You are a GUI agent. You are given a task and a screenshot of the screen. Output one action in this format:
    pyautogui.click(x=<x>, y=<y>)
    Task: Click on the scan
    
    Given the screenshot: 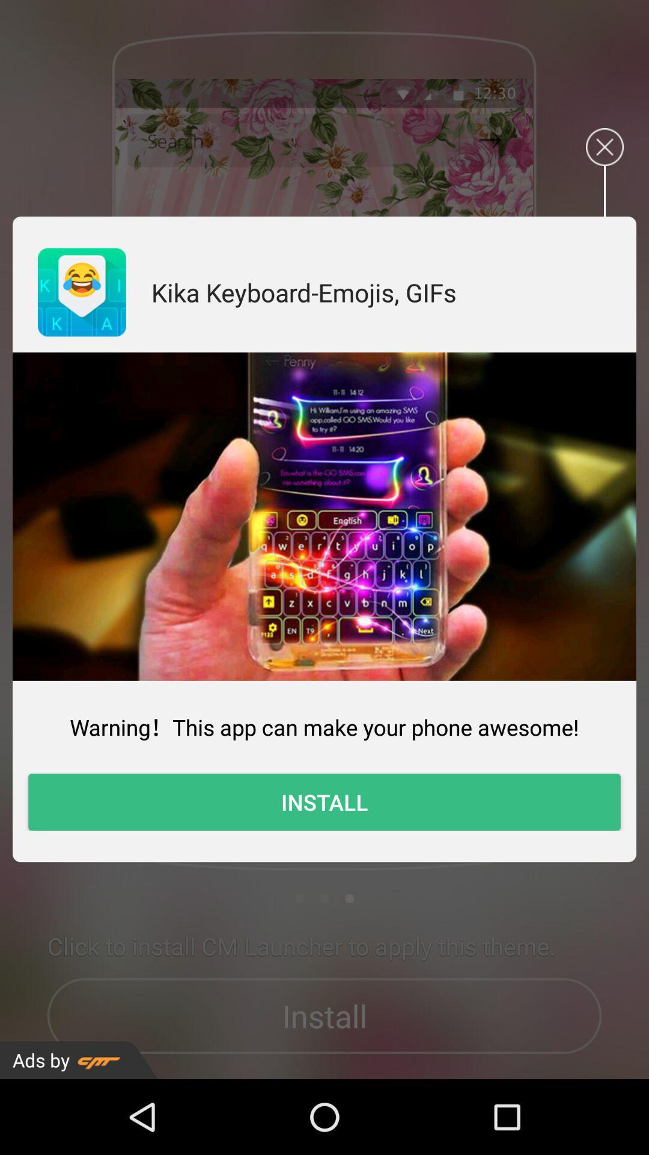 What is the action you would take?
    pyautogui.click(x=324, y=516)
    